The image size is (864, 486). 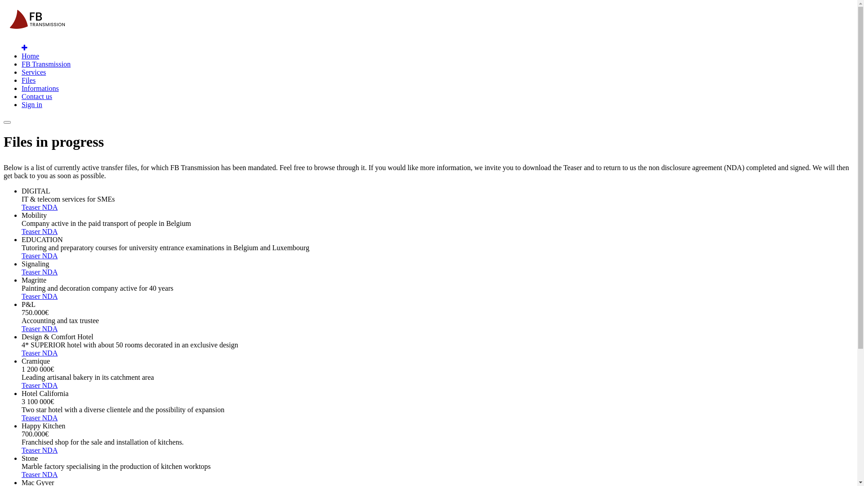 What do you see at coordinates (34, 72) in the screenshot?
I see `'Services'` at bounding box center [34, 72].